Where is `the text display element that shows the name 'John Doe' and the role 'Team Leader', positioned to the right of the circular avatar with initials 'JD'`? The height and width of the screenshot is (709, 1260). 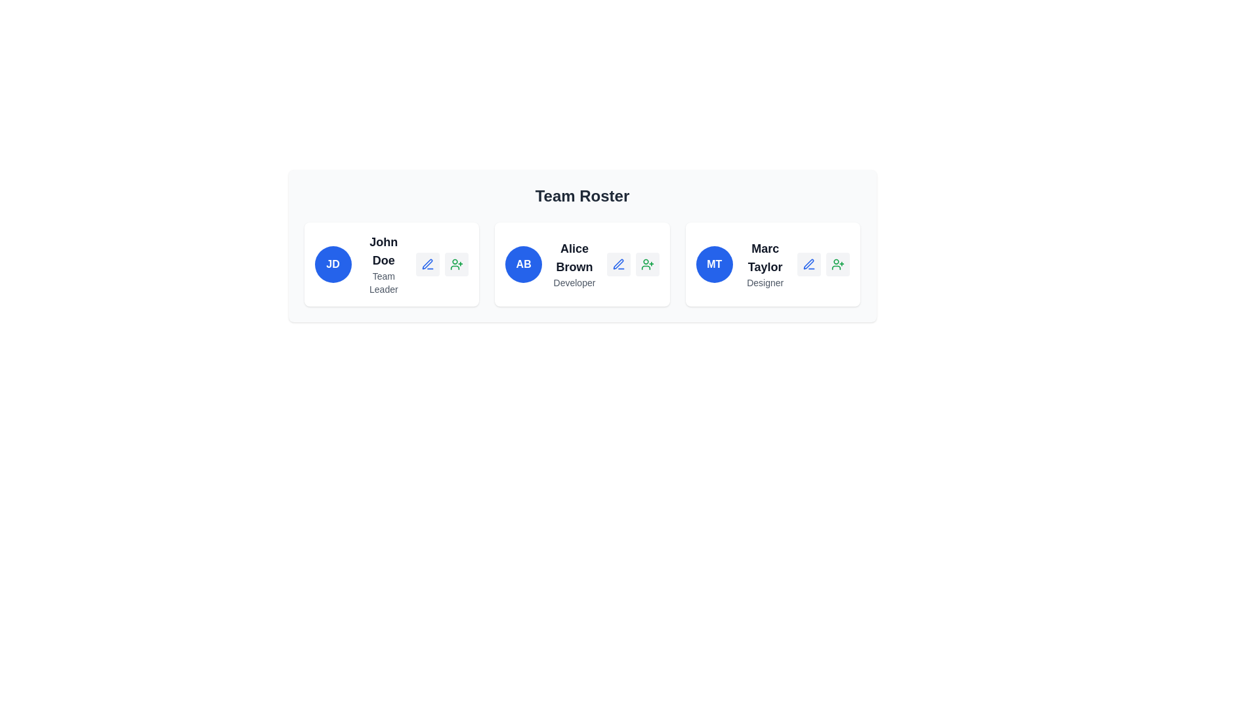 the text display element that shows the name 'John Doe' and the role 'Team Leader', positioned to the right of the circular avatar with initials 'JD' is located at coordinates (383, 264).